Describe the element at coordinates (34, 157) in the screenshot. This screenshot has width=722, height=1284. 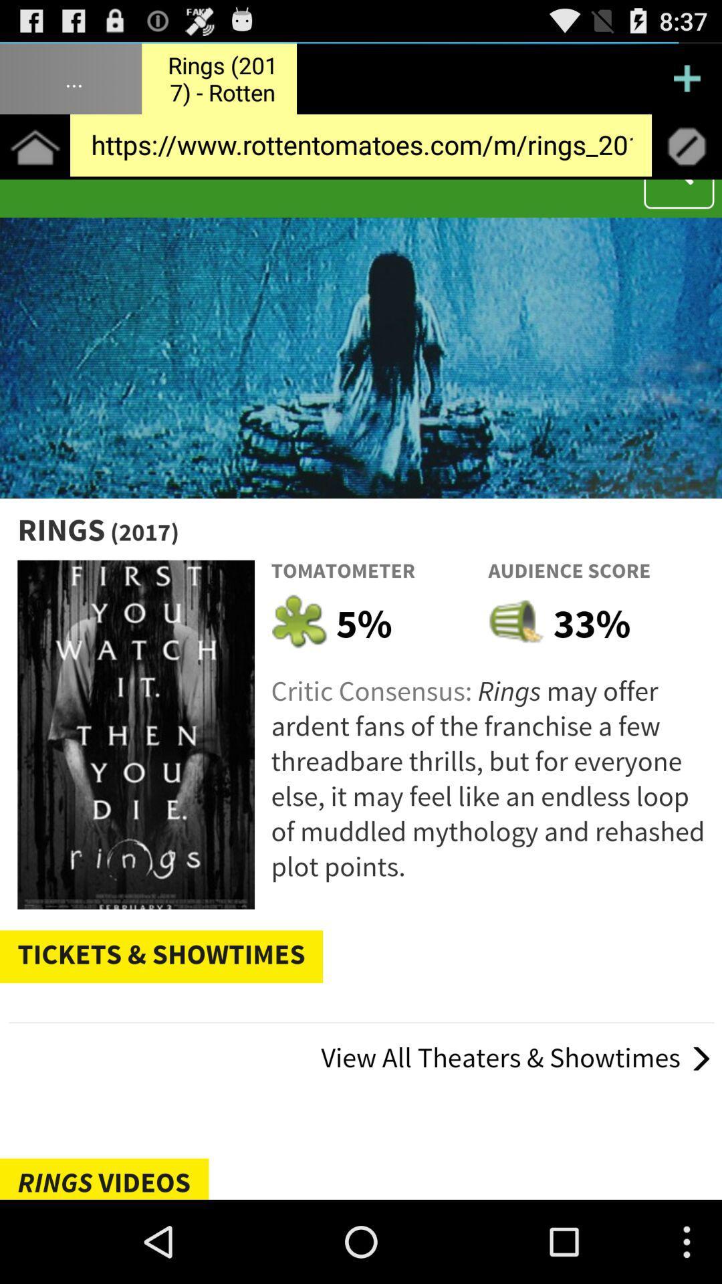
I see `the home icon` at that location.